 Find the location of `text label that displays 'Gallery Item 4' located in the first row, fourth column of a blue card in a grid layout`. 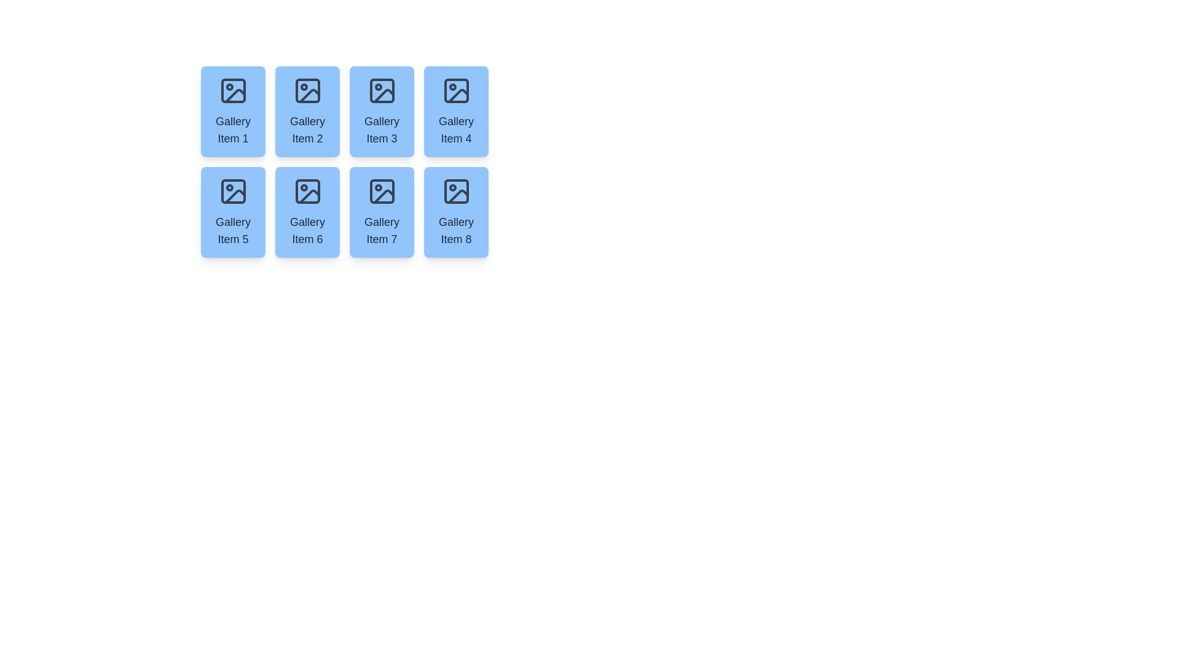

text label that displays 'Gallery Item 4' located in the first row, fourth column of a blue card in a grid layout is located at coordinates (455, 130).